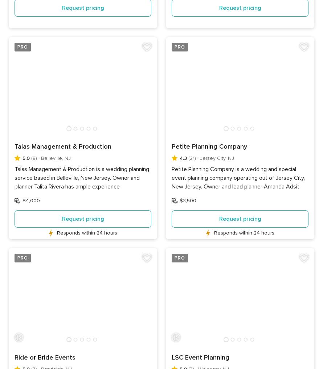 Image resolution: width=323 pixels, height=369 pixels. What do you see at coordinates (26, 158) in the screenshot?
I see `'5.0'` at bounding box center [26, 158].